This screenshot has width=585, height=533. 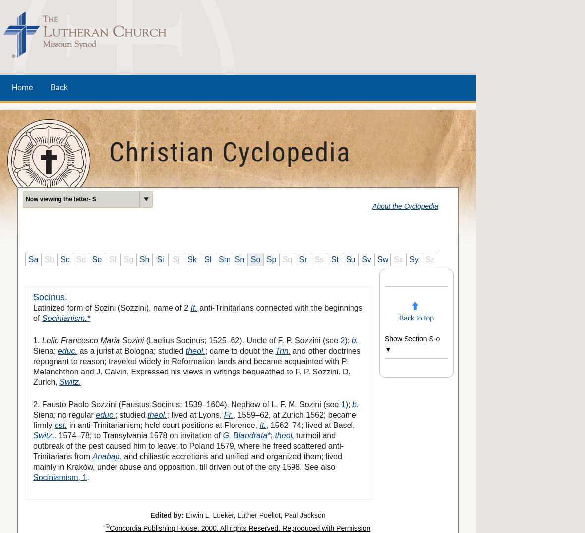 What do you see at coordinates (33, 297) in the screenshot?
I see `'Socinus.'` at bounding box center [33, 297].